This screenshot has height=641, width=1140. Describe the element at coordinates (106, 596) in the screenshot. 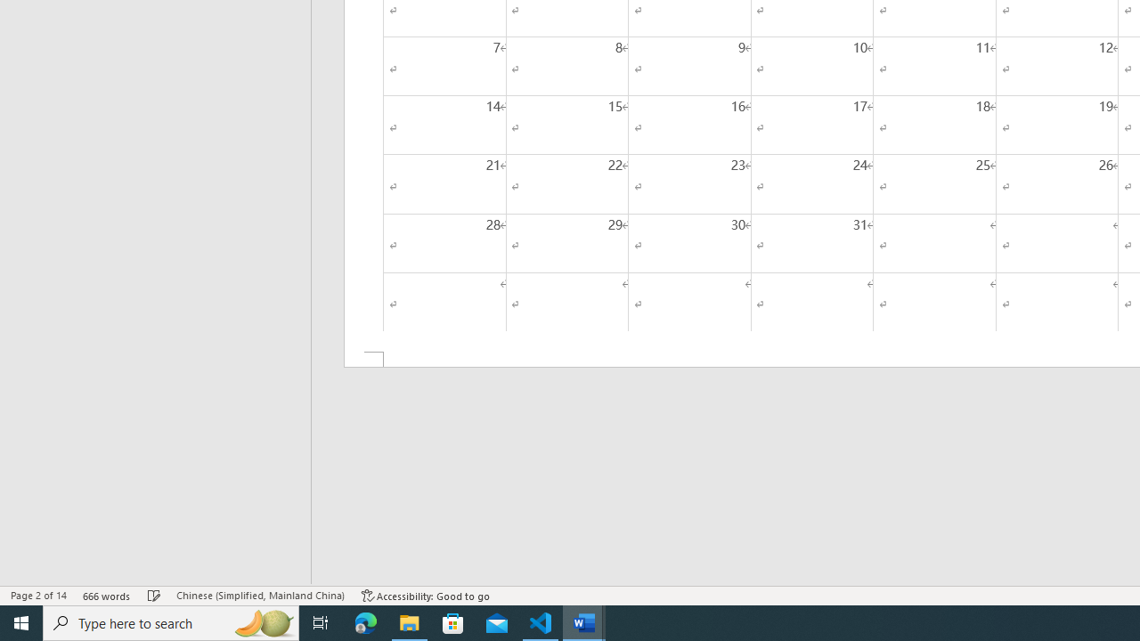

I see `'Word Count 666 words'` at that location.